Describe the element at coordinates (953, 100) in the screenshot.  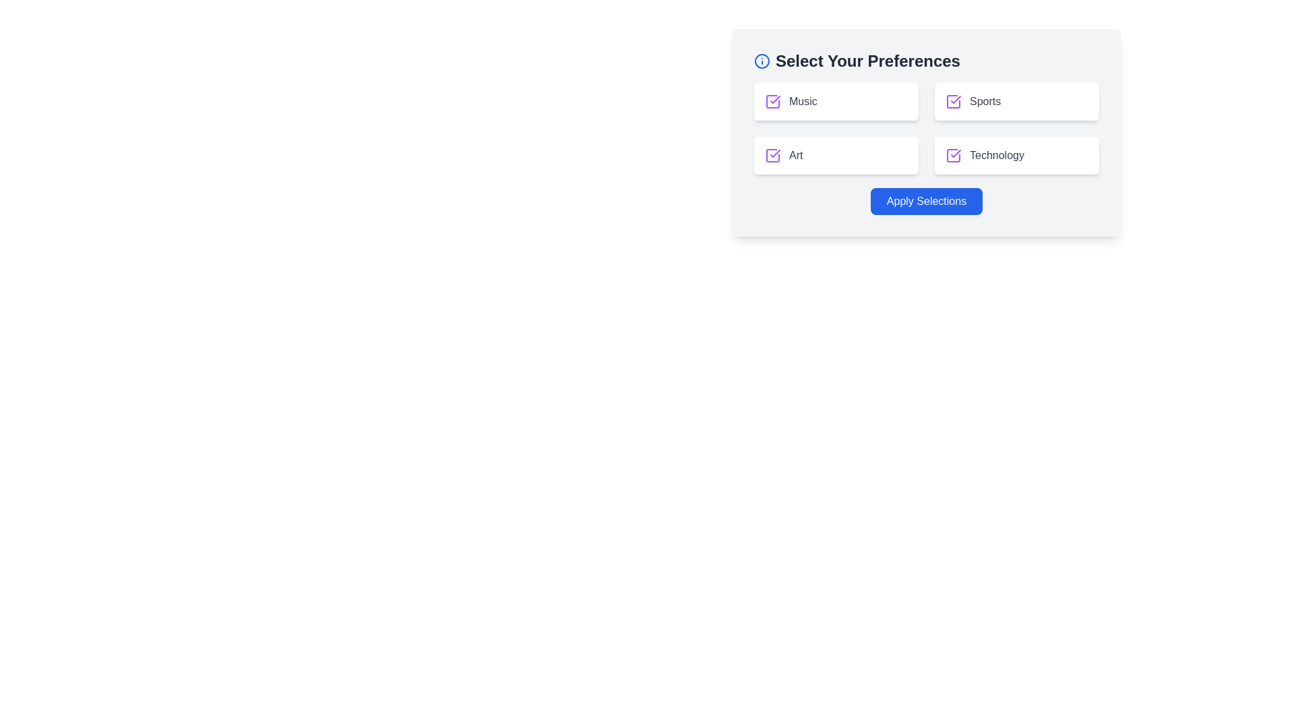
I see `the Checkbox icon for category selection located` at that location.